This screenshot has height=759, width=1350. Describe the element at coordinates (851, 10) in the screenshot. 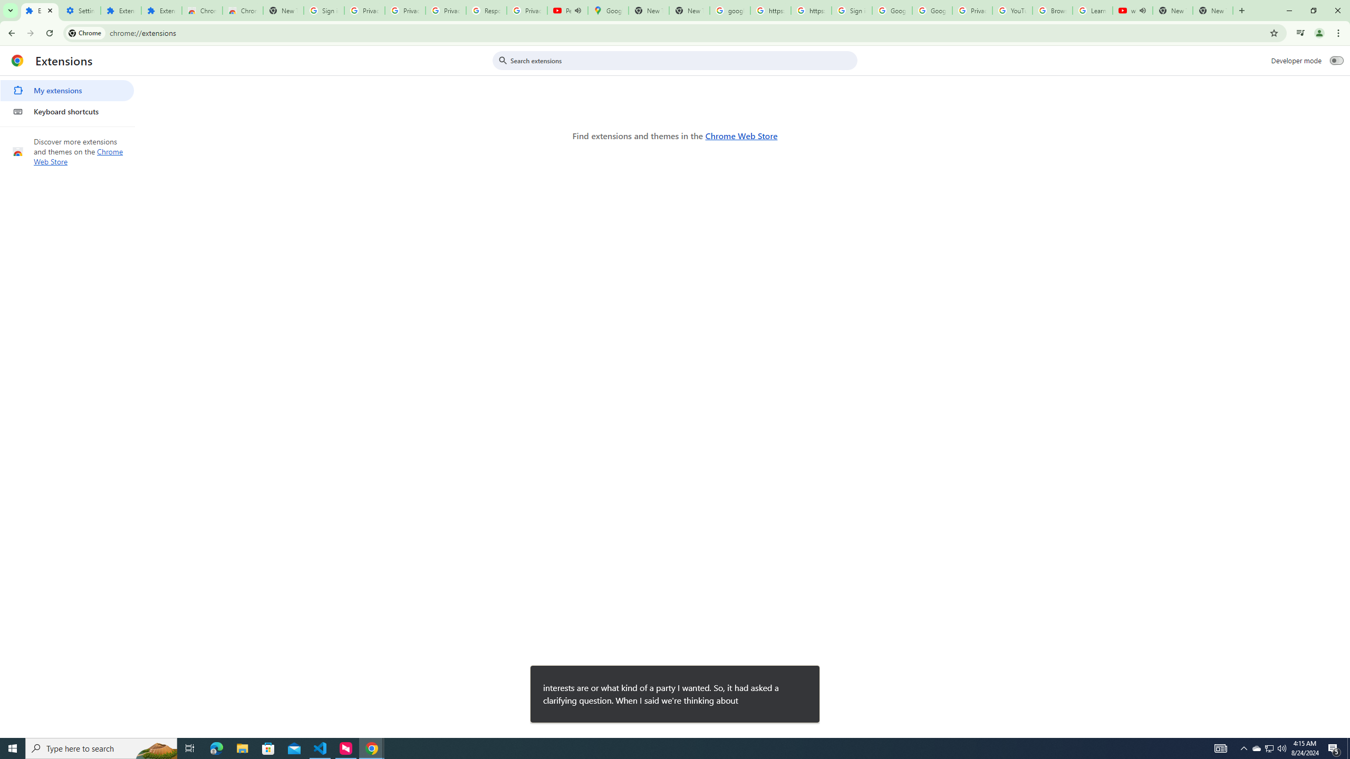

I see `'Sign in - Google Accounts'` at that location.